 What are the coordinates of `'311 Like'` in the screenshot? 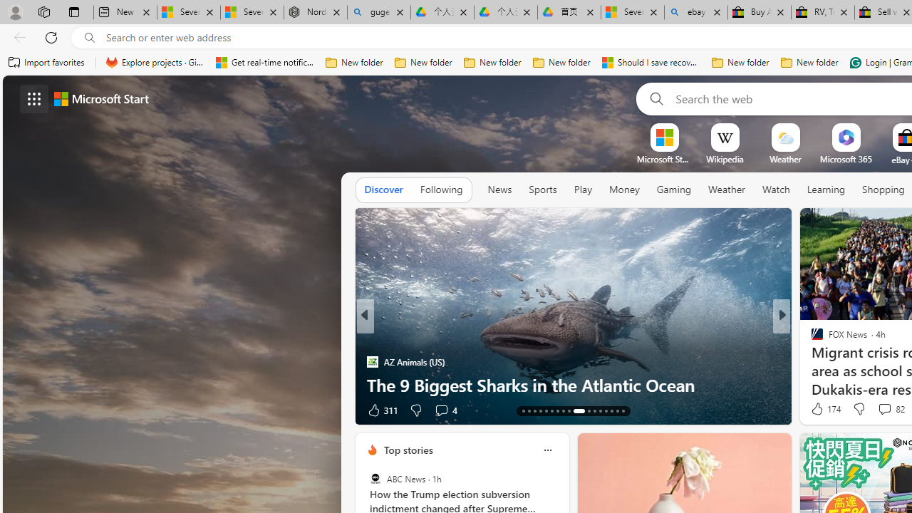 It's located at (381, 410).